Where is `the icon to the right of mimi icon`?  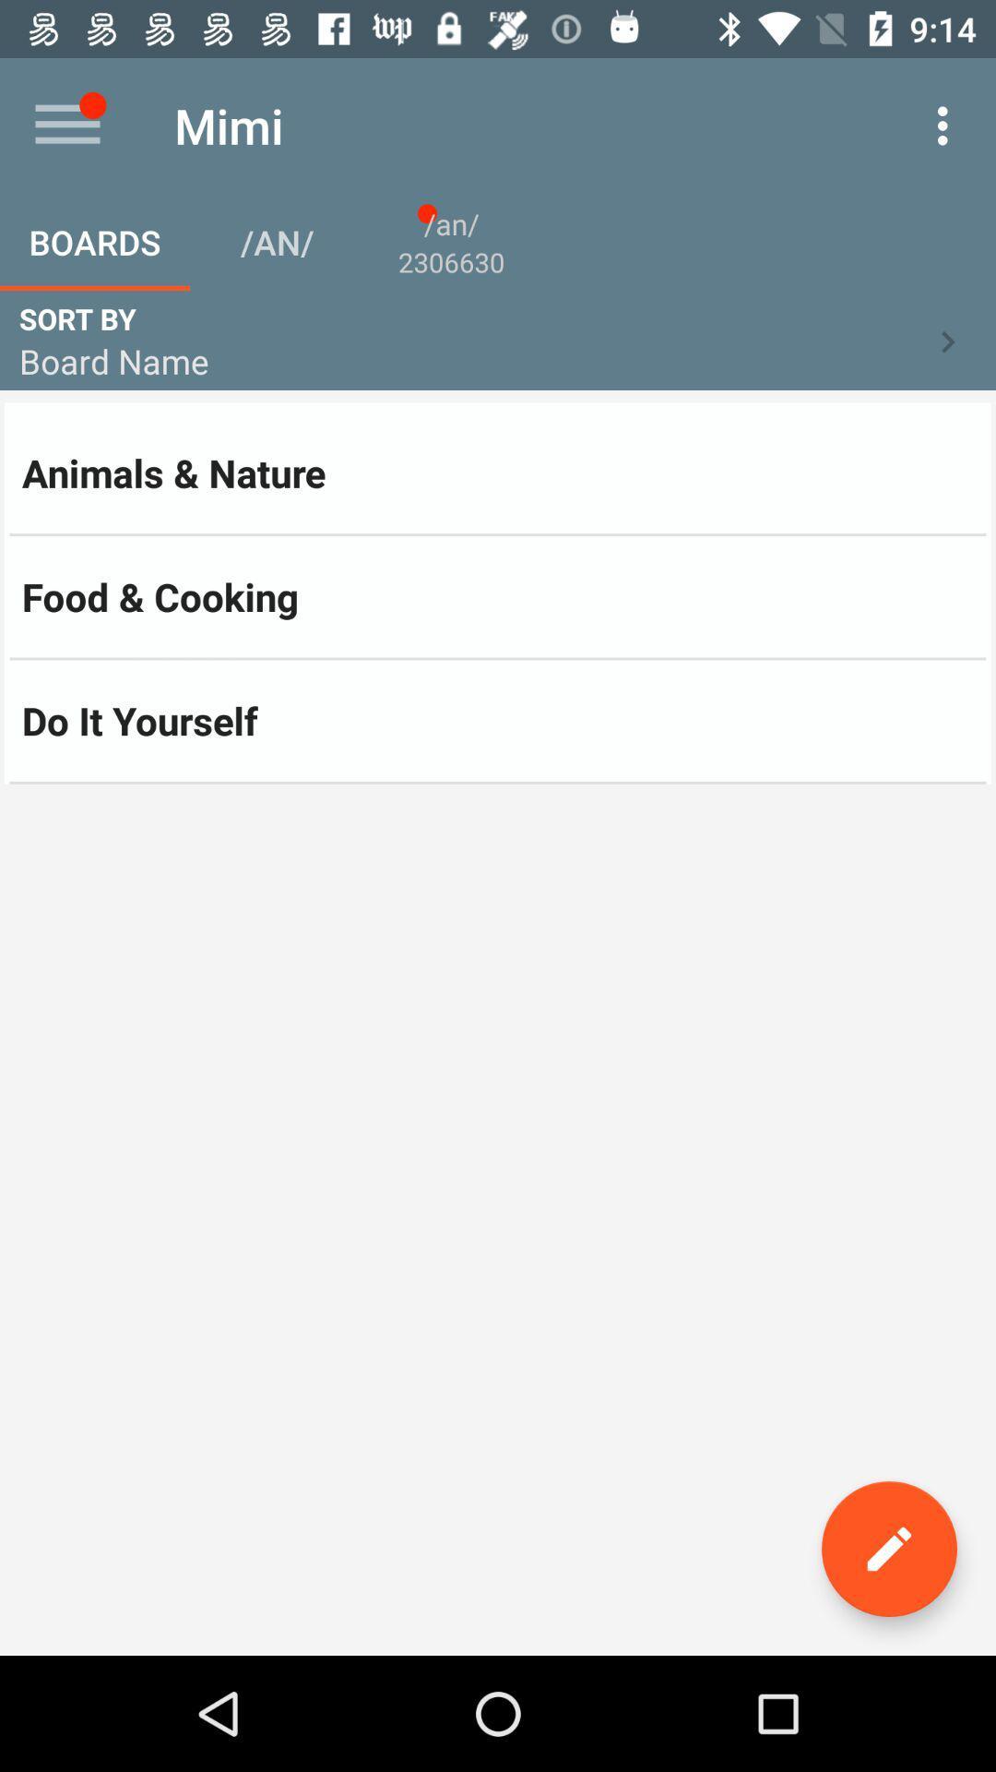
the icon to the right of mimi icon is located at coordinates (947, 125).